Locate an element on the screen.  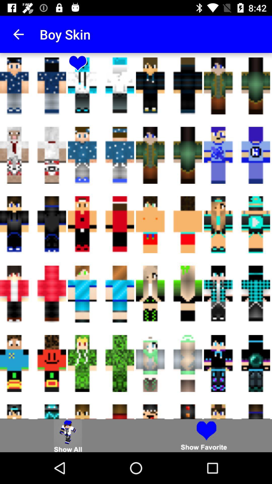
item next to the boy skin is located at coordinates (18, 34).